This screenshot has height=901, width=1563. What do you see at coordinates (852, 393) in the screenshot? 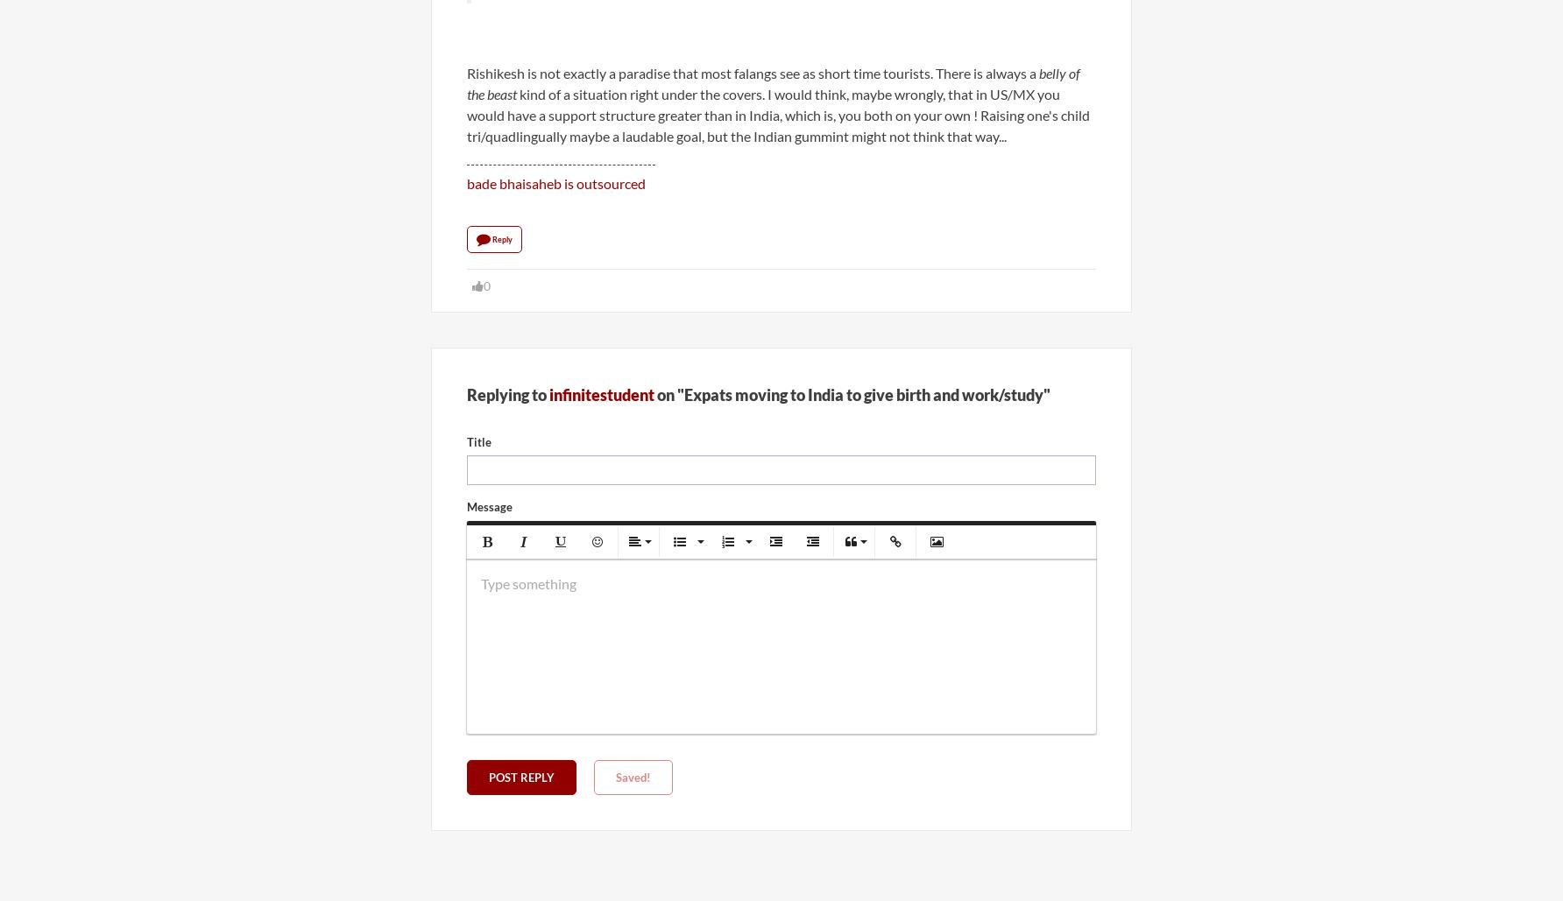
I see `'on "Expats moving to India to give birth and work/study"'` at bounding box center [852, 393].